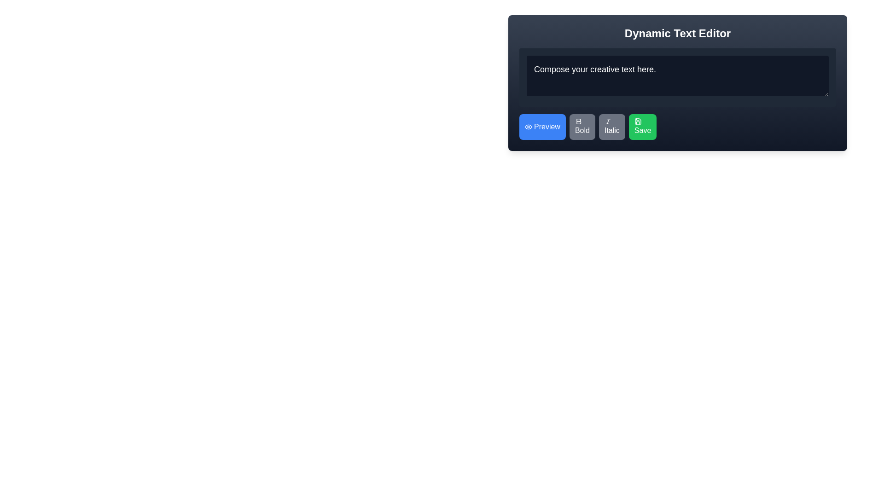 This screenshot has width=884, height=497. Describe the element at coordinates (582, 127) in the screenshot. I see `the button with a solid gray background that changes to yellow upon hovering, which contains the bold 'B' character above the word 'Bold'. This button is the second in a horizontal row of four buttons, positioned between 'Preview' and 'Italic'` at that location.